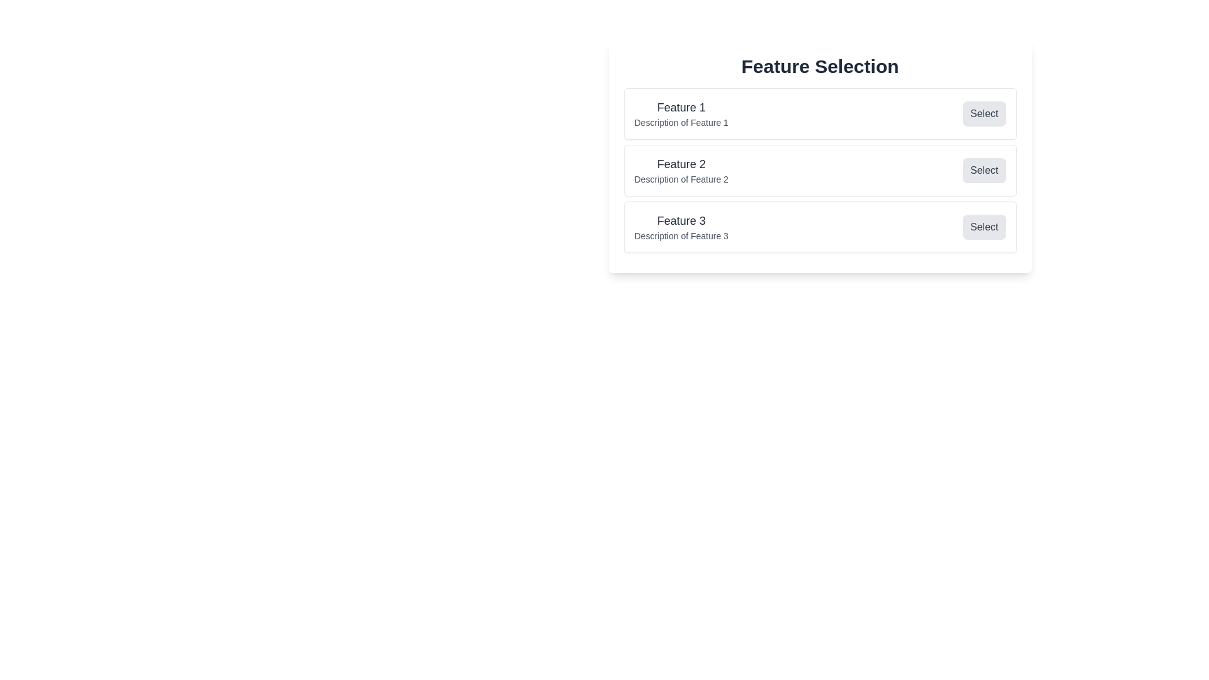  I want to click on the button located to the right of the list item labeled 'Feature 2', so click(984, 170).